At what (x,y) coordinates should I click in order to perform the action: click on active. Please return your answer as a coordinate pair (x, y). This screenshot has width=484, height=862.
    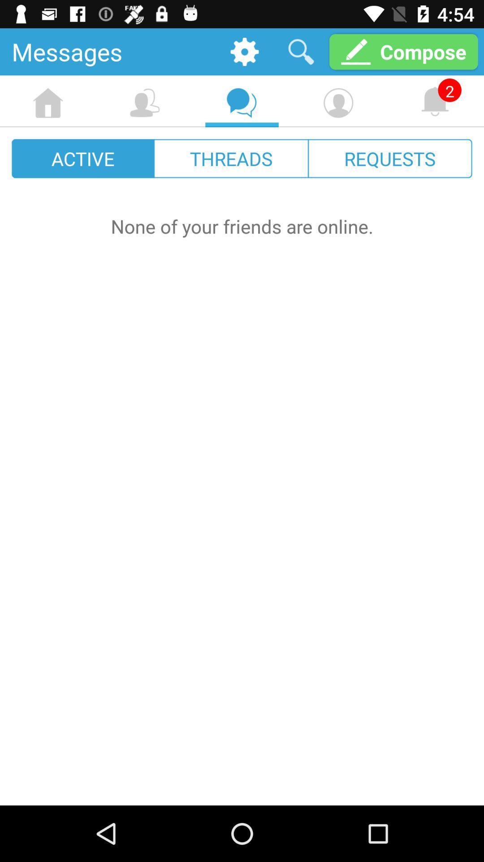
    Looking at the image, I should click on (83, 158).